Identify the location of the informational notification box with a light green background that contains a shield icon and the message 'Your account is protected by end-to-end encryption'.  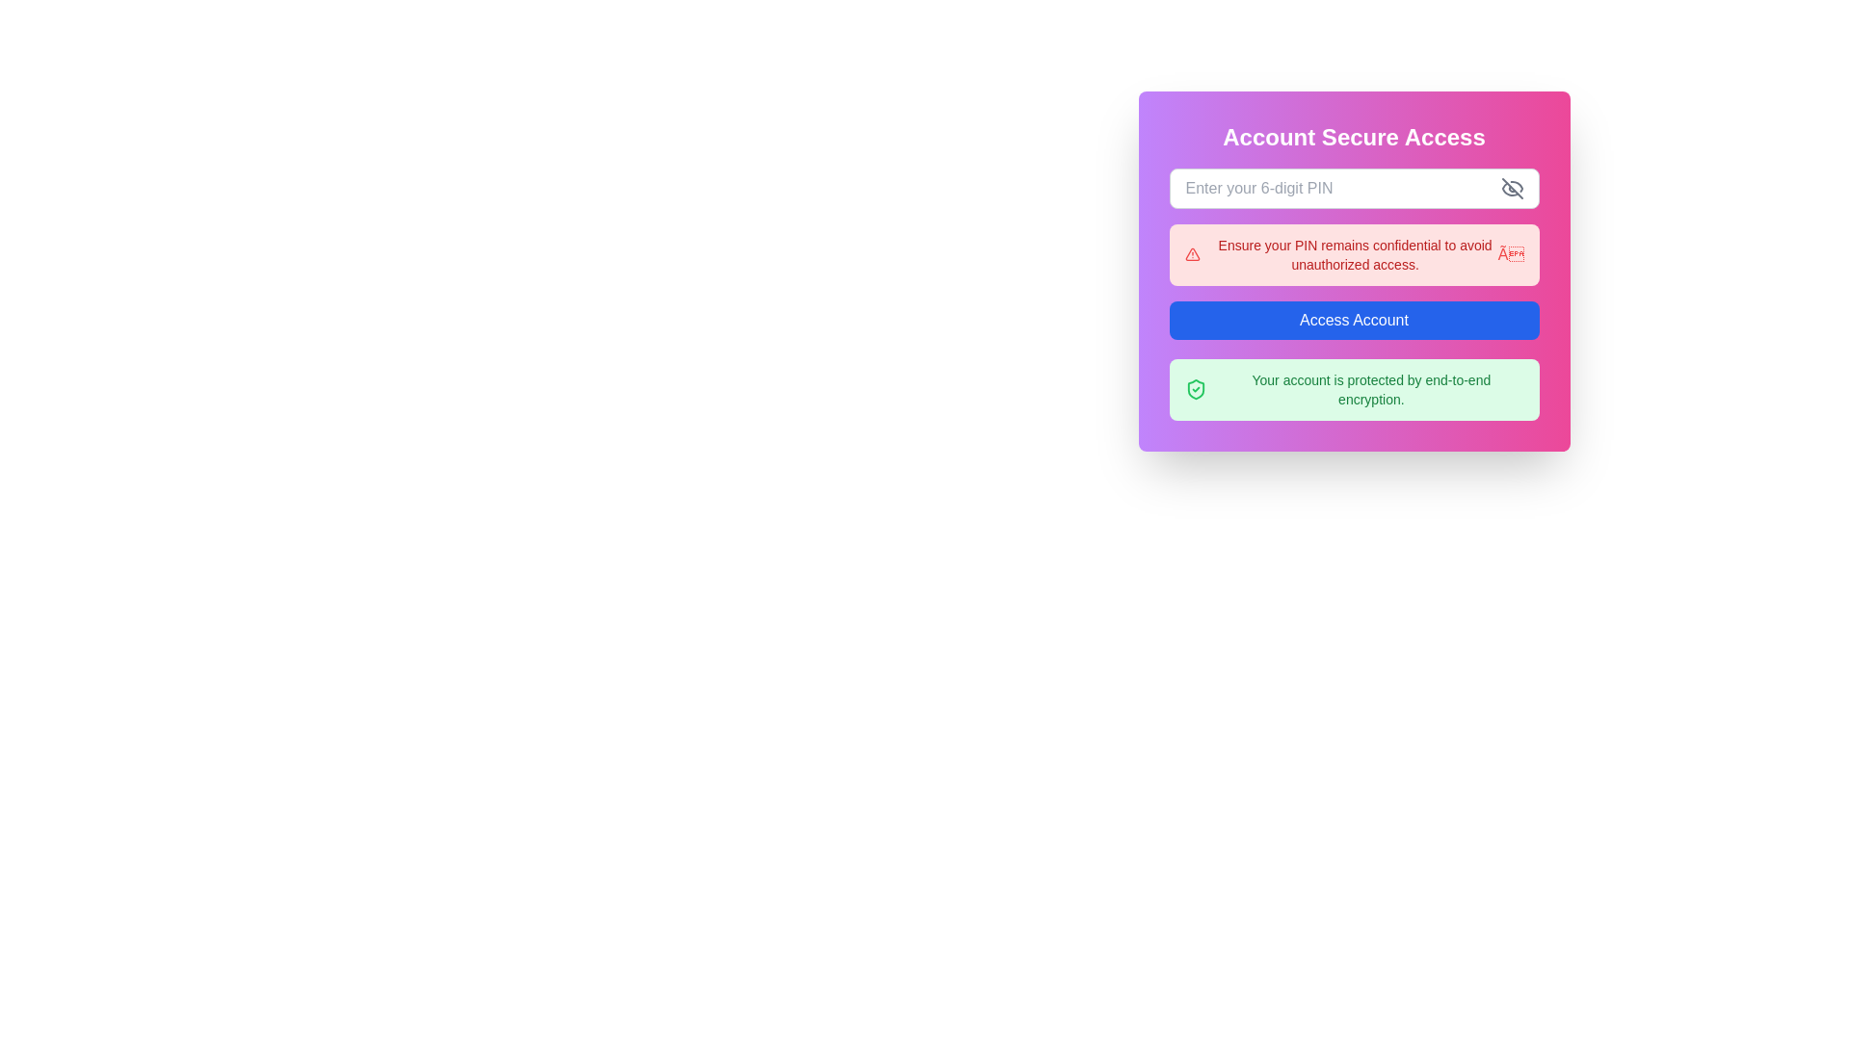
(1353, 390).